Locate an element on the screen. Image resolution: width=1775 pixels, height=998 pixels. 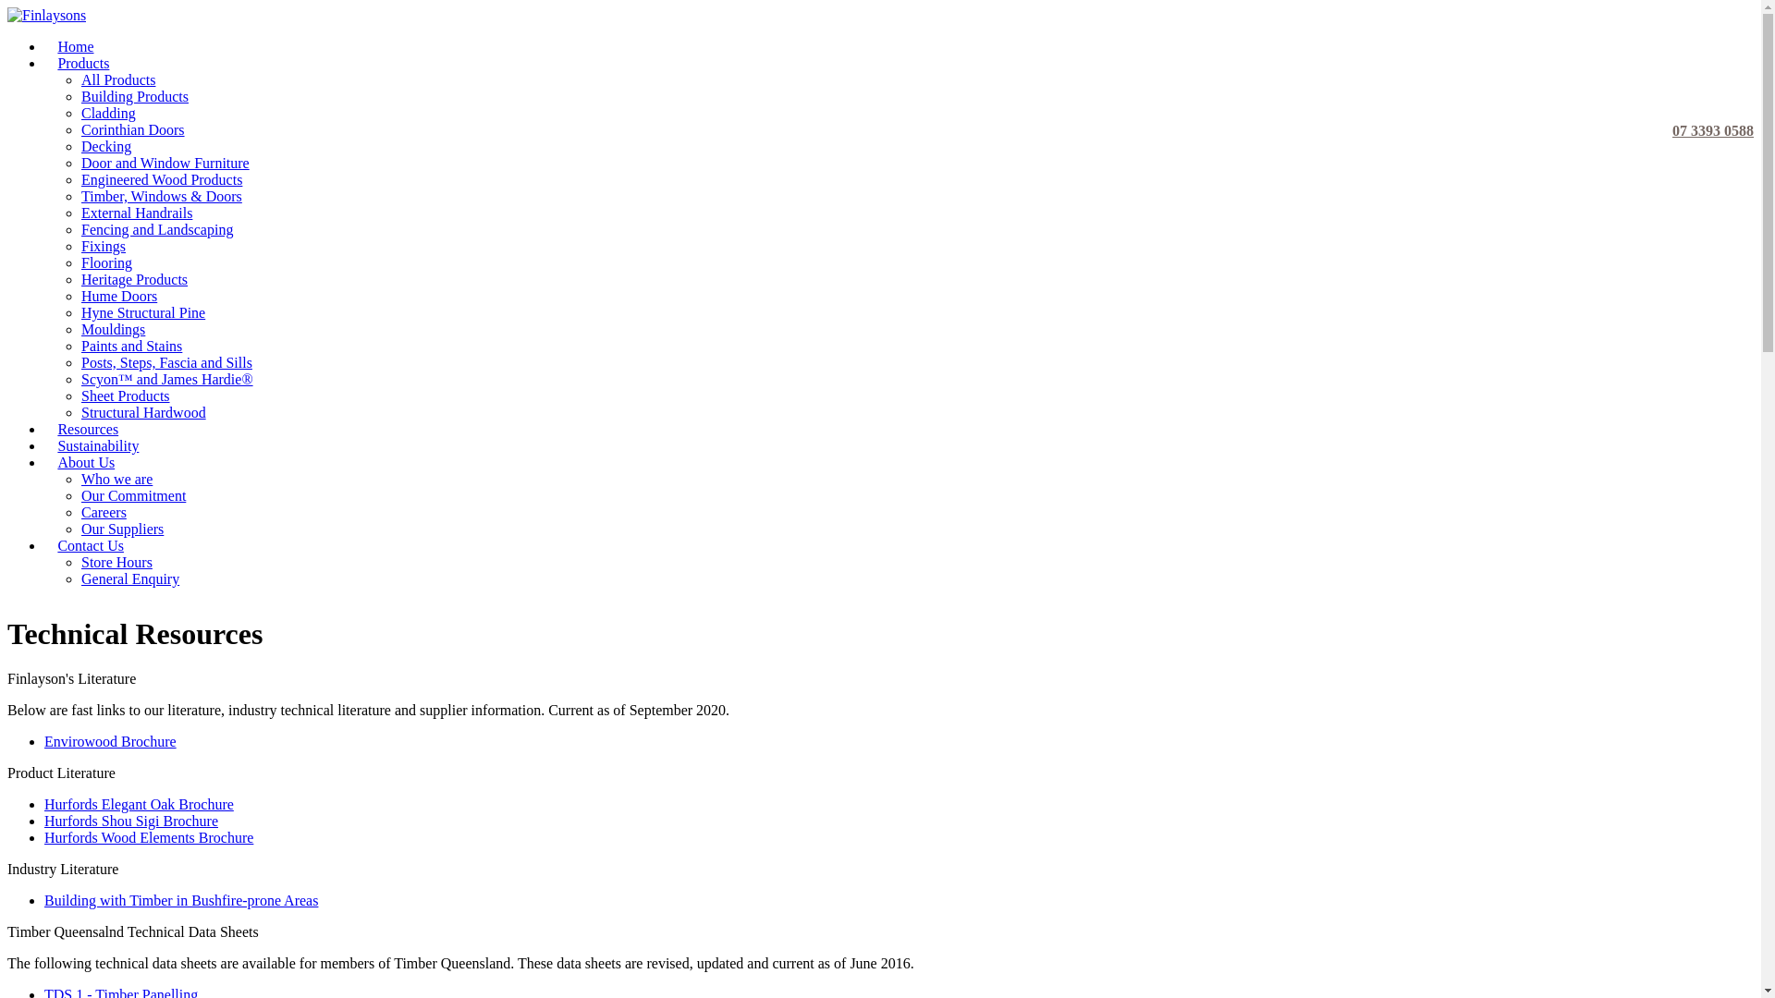
'About Us' is located at coordinates (85, 461).